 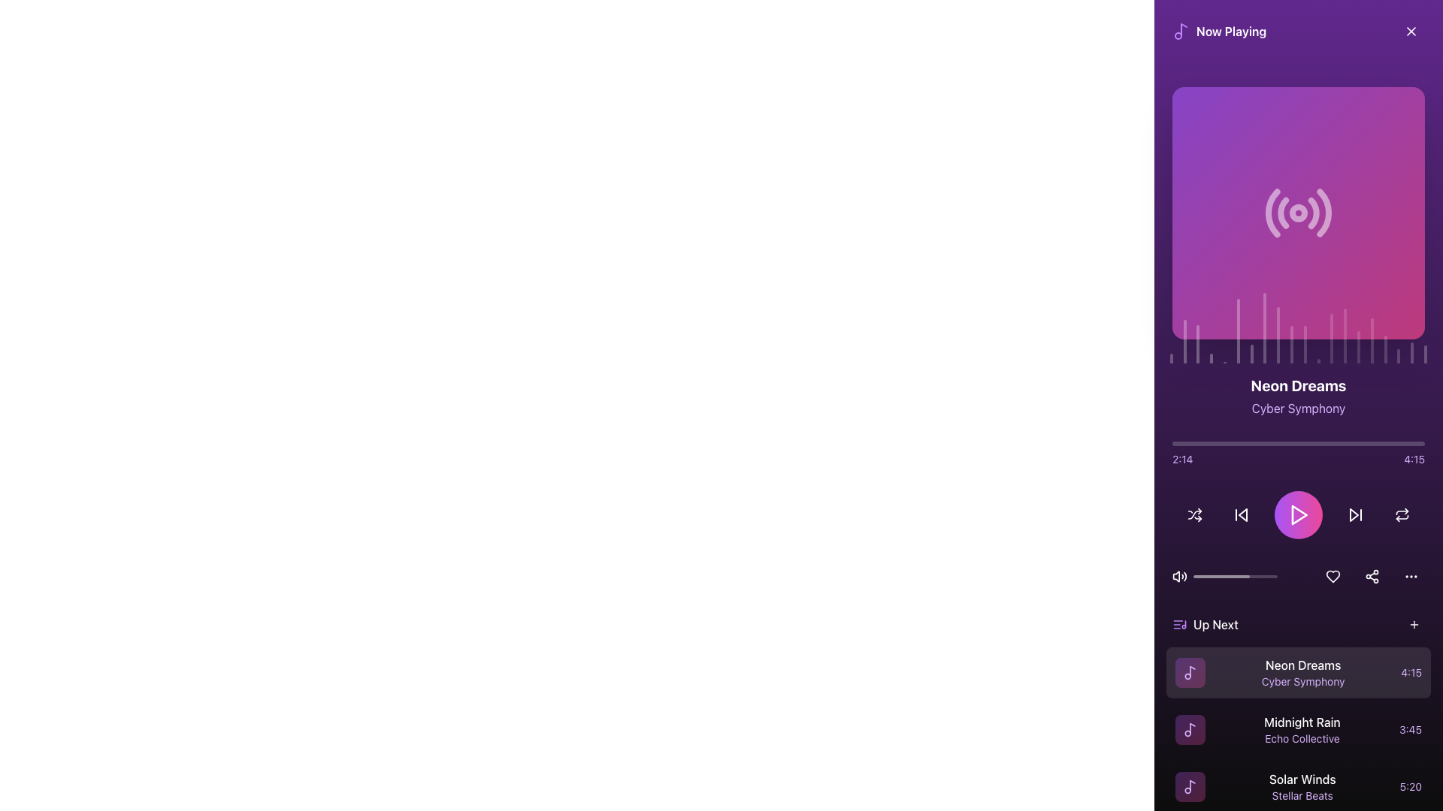 I want to click on the shuffle button located on the bottom control row, which is the first icon from the left, so click(x=1193, y=514).